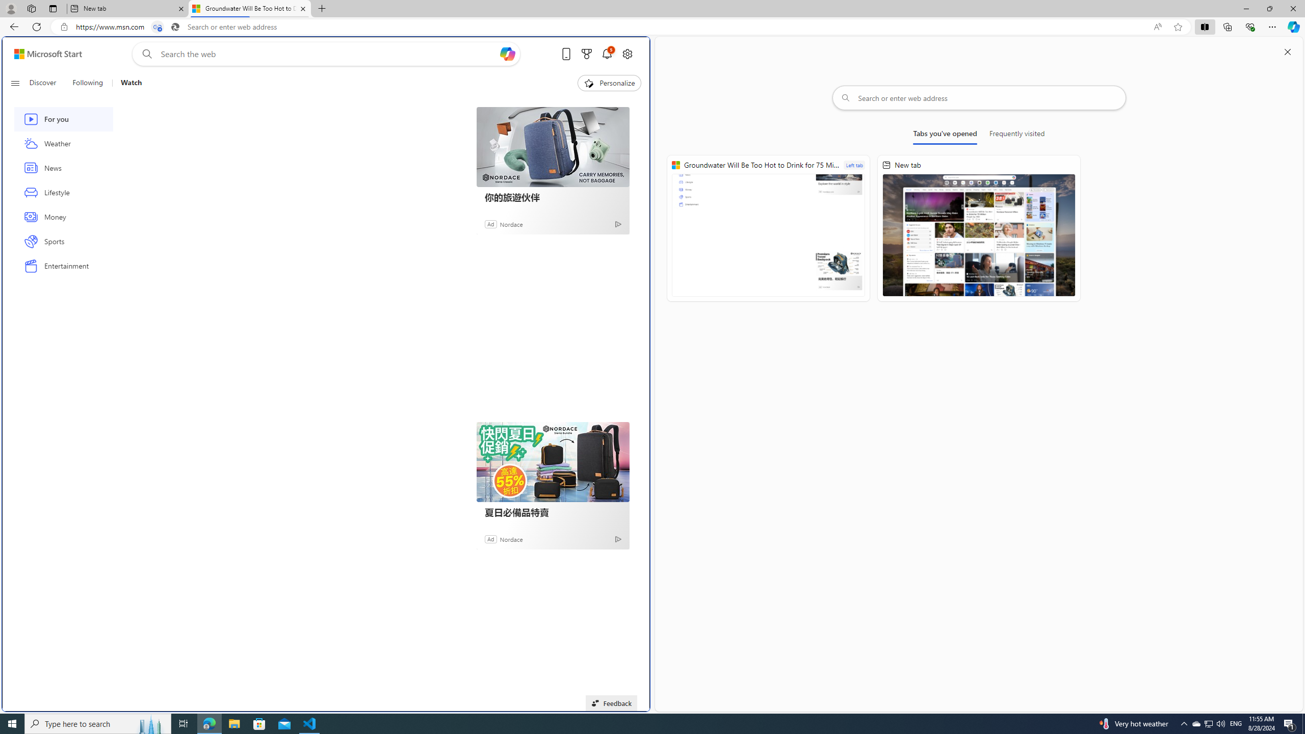 This screenshot has width=1305, height=734. I want to click on 'Tabs you', so click(945, 135).